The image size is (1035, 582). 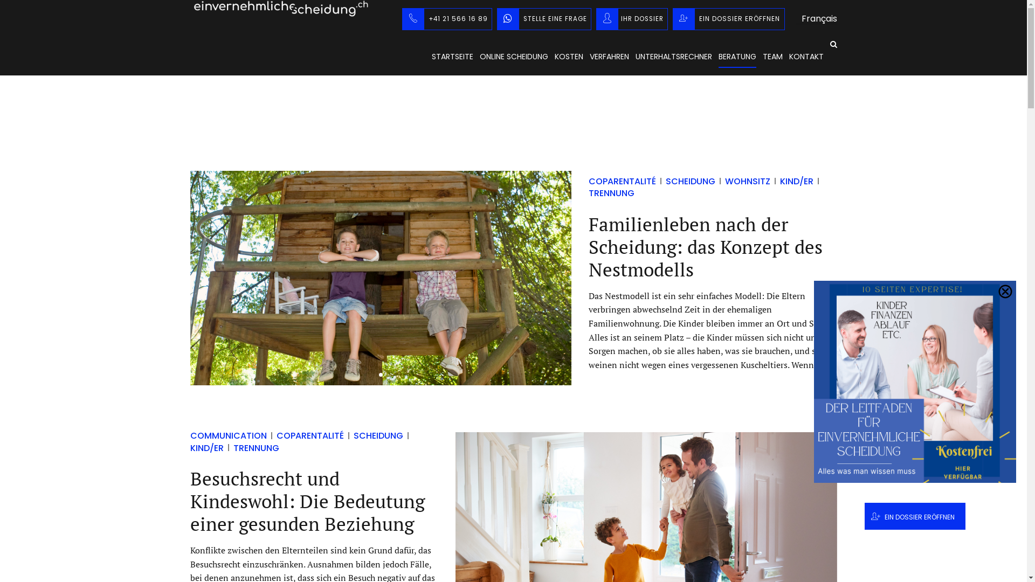 I want to click on 'BERATUNG', so click(x=717, y=56).